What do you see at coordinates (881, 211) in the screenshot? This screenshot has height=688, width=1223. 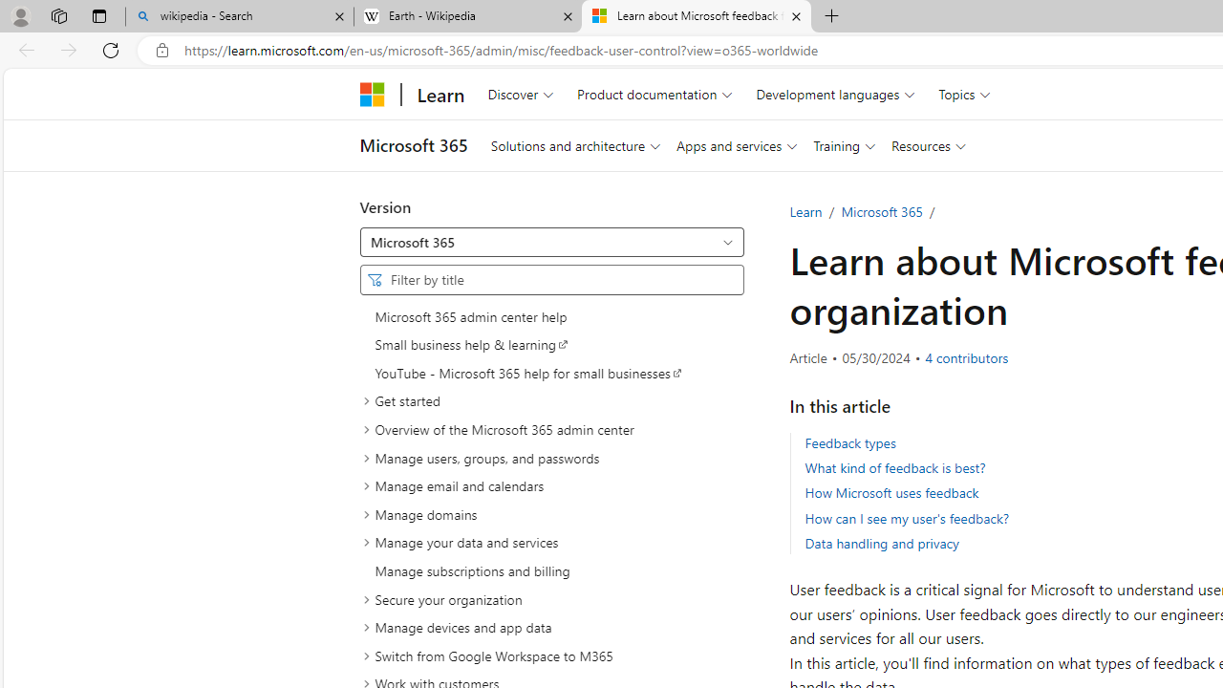 I see `'Microsoft 365'` at bounding box center [881, 211].